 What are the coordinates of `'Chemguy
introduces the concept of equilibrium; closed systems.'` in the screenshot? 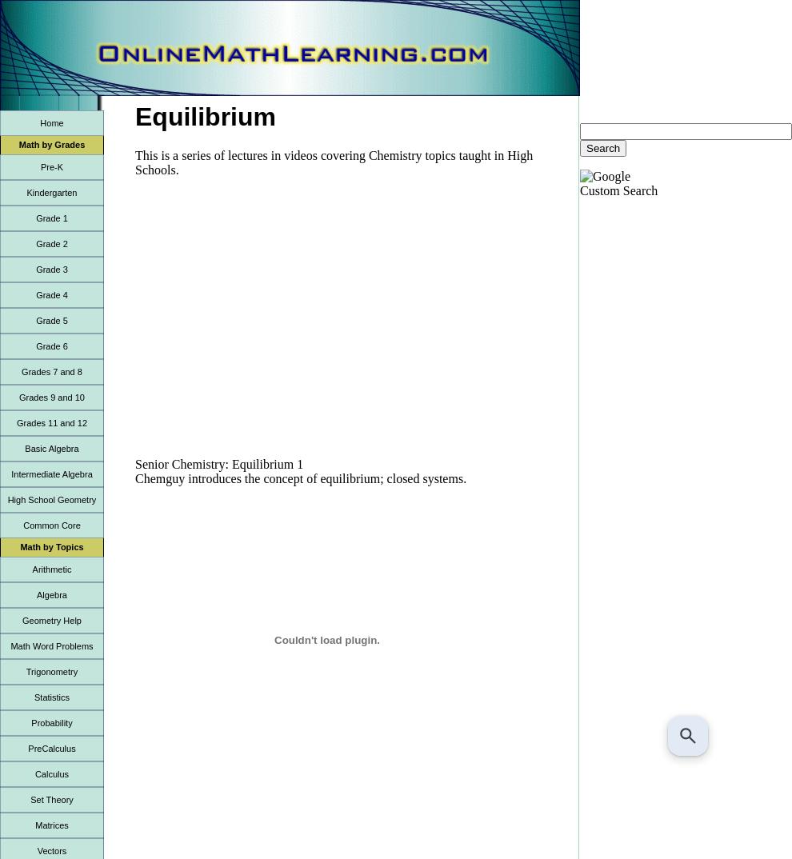 It's located at (301, 478).